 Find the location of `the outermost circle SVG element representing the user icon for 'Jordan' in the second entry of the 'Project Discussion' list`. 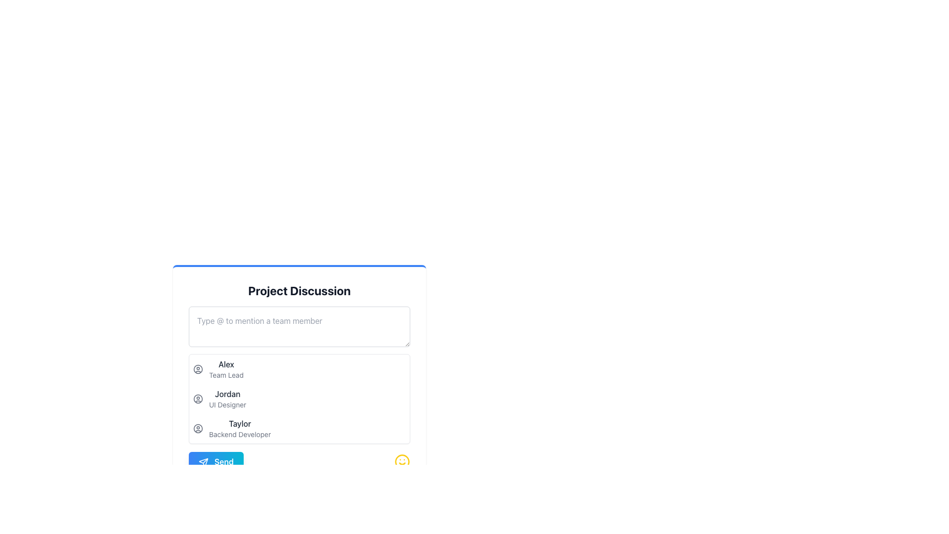

the outermost circle SVG element representing the user icon for 'Jordan' in the second entry of the 'Project Discussion' list is located at coordinates (198, 398).